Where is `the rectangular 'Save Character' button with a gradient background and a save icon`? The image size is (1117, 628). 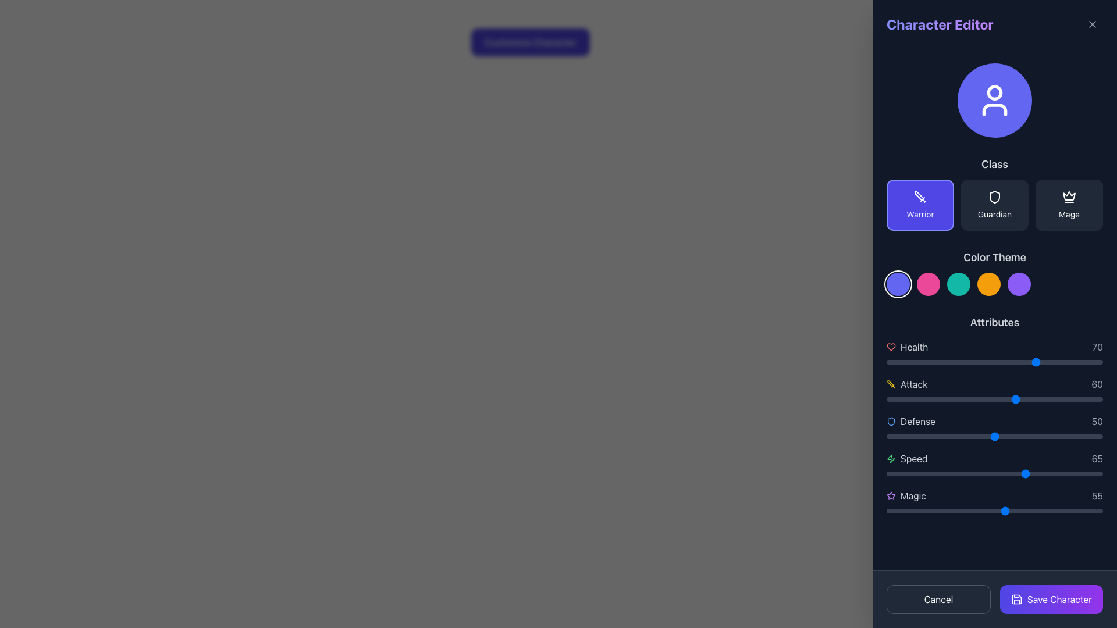 the rectangular 'Save Character' button with a gradient background and a save icon is located at coordinates (1051, 599).